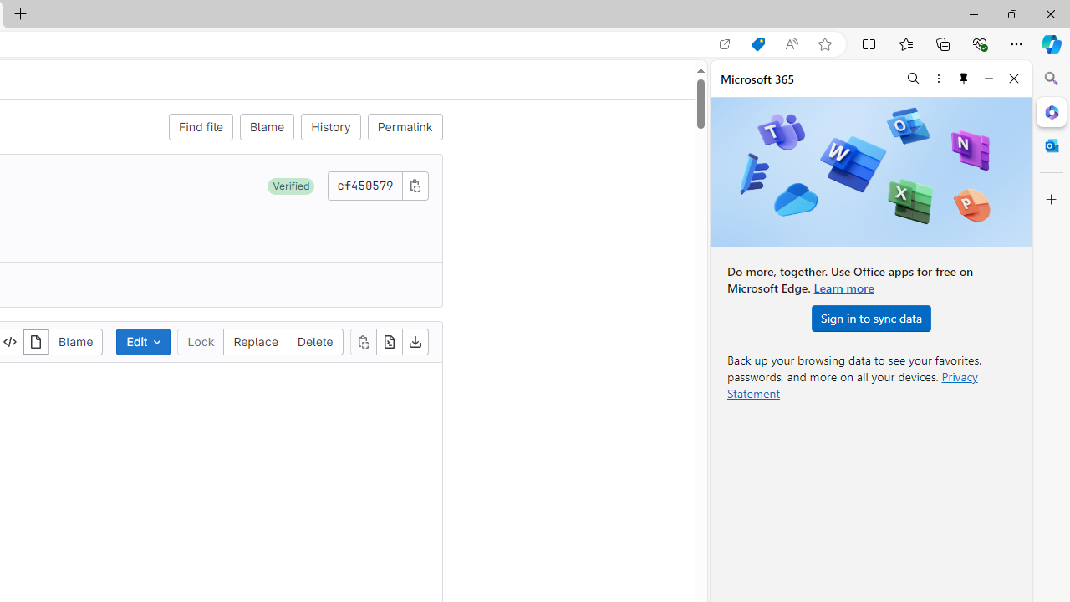  I want to click on 'Privacy Statement', so click(853, 385).